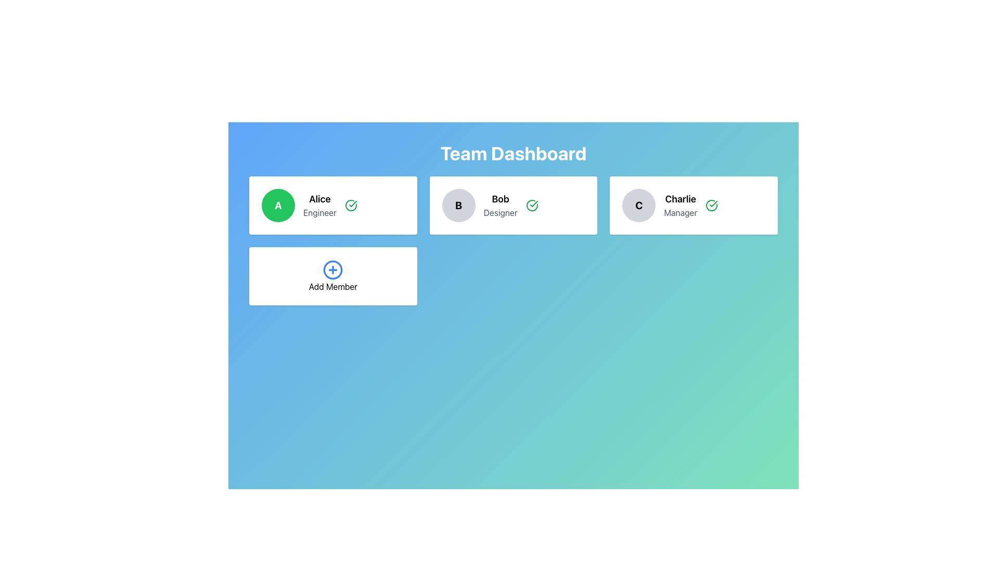  I want to click on the non-interactive text label indicating a title or role associated with 'Alice' located in the first card of the 'Team Dashboard' section, so click(319, 212).